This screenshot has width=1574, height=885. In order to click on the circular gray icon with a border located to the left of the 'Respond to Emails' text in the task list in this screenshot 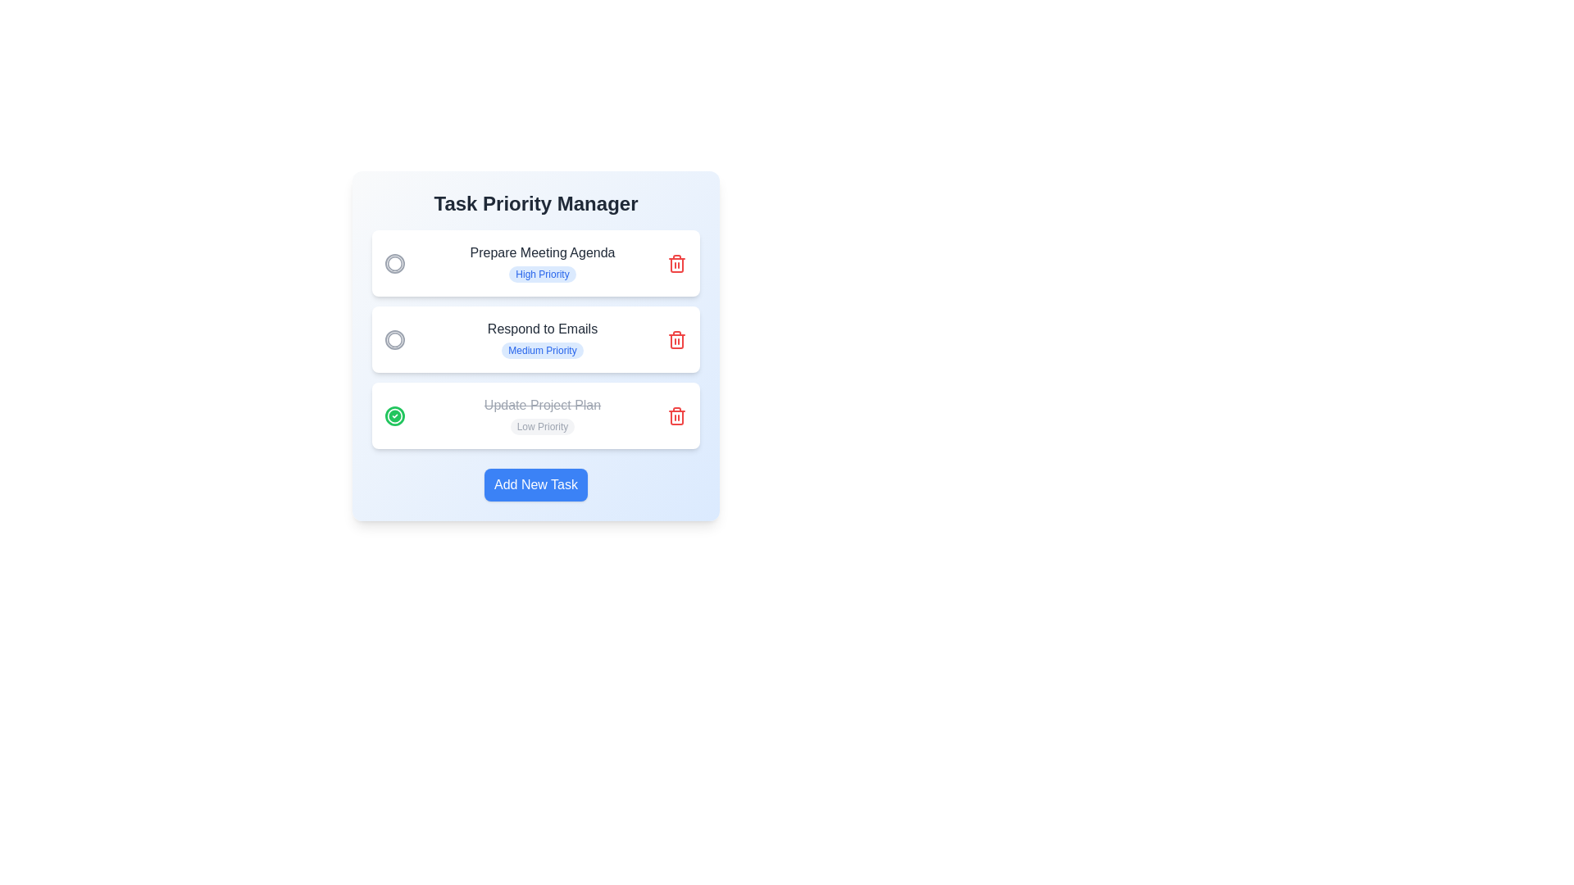, I will do `click(394, 338)`.